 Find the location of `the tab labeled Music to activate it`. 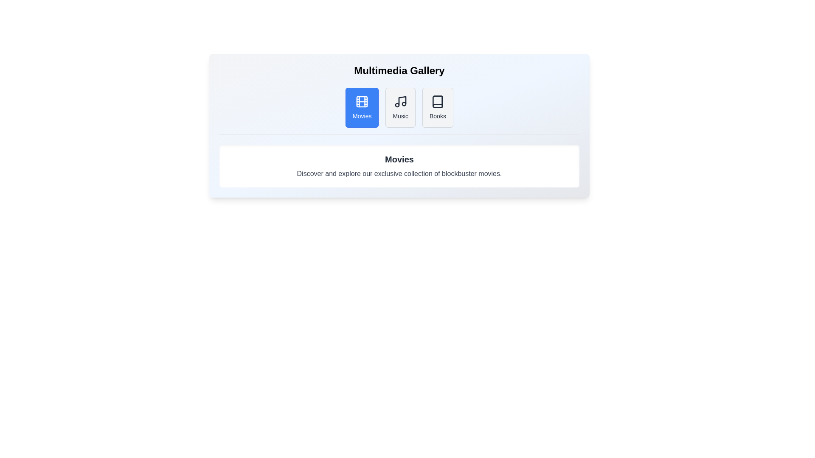

the tab labeled Music to activate it is located at coordinates (400, 107).